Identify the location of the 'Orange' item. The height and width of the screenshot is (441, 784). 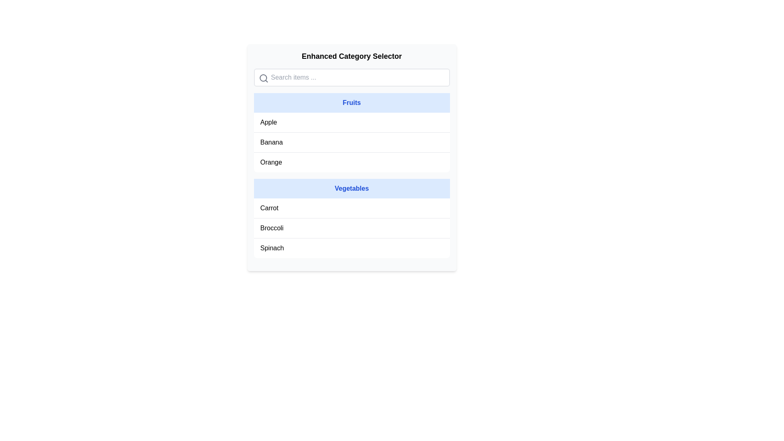
(352, 162).